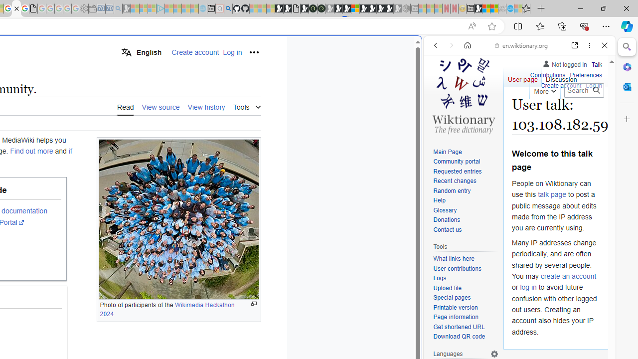 Image resolution: width=638 pixels, height=359 pixels. I want to click on 'User contributions', so click(466, 268).